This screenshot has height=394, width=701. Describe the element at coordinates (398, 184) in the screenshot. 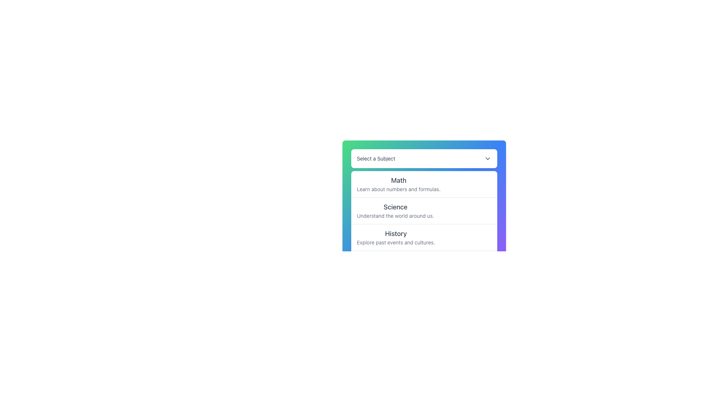

I see `the first selectable list item that displays 'Math' in a large bold font and 'Learn about numbers and formulas.' in smaller gray text, located beneath the 'Select a Subject' dropdown header` at that location.